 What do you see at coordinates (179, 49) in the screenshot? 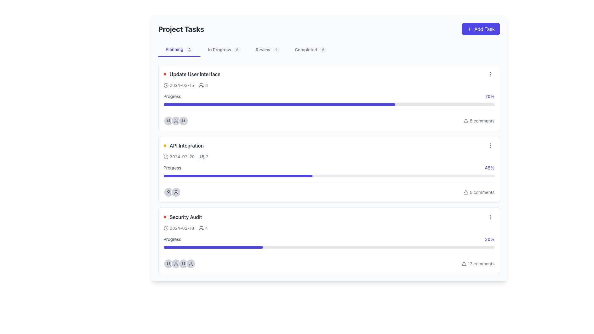
I see `the 'Planning' tab in the horizontal navigation bar, which is the first tab and has a circular badge with the number '4'` at bounding box center [179, 49].